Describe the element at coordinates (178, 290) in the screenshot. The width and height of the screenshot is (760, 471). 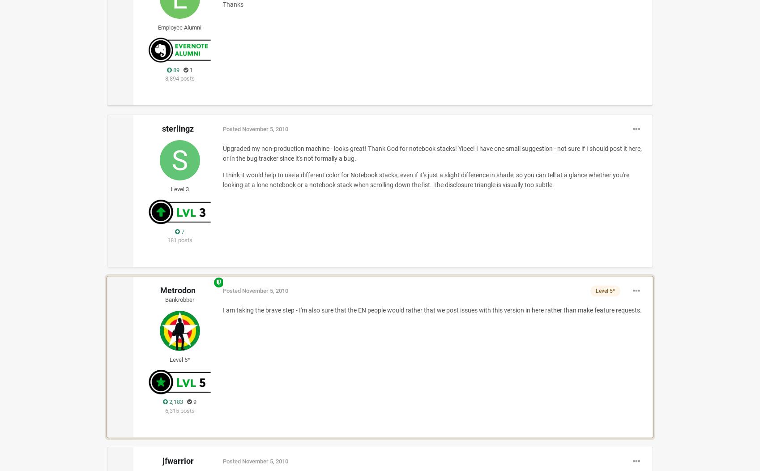
I see `'Metrodon'` at that location.